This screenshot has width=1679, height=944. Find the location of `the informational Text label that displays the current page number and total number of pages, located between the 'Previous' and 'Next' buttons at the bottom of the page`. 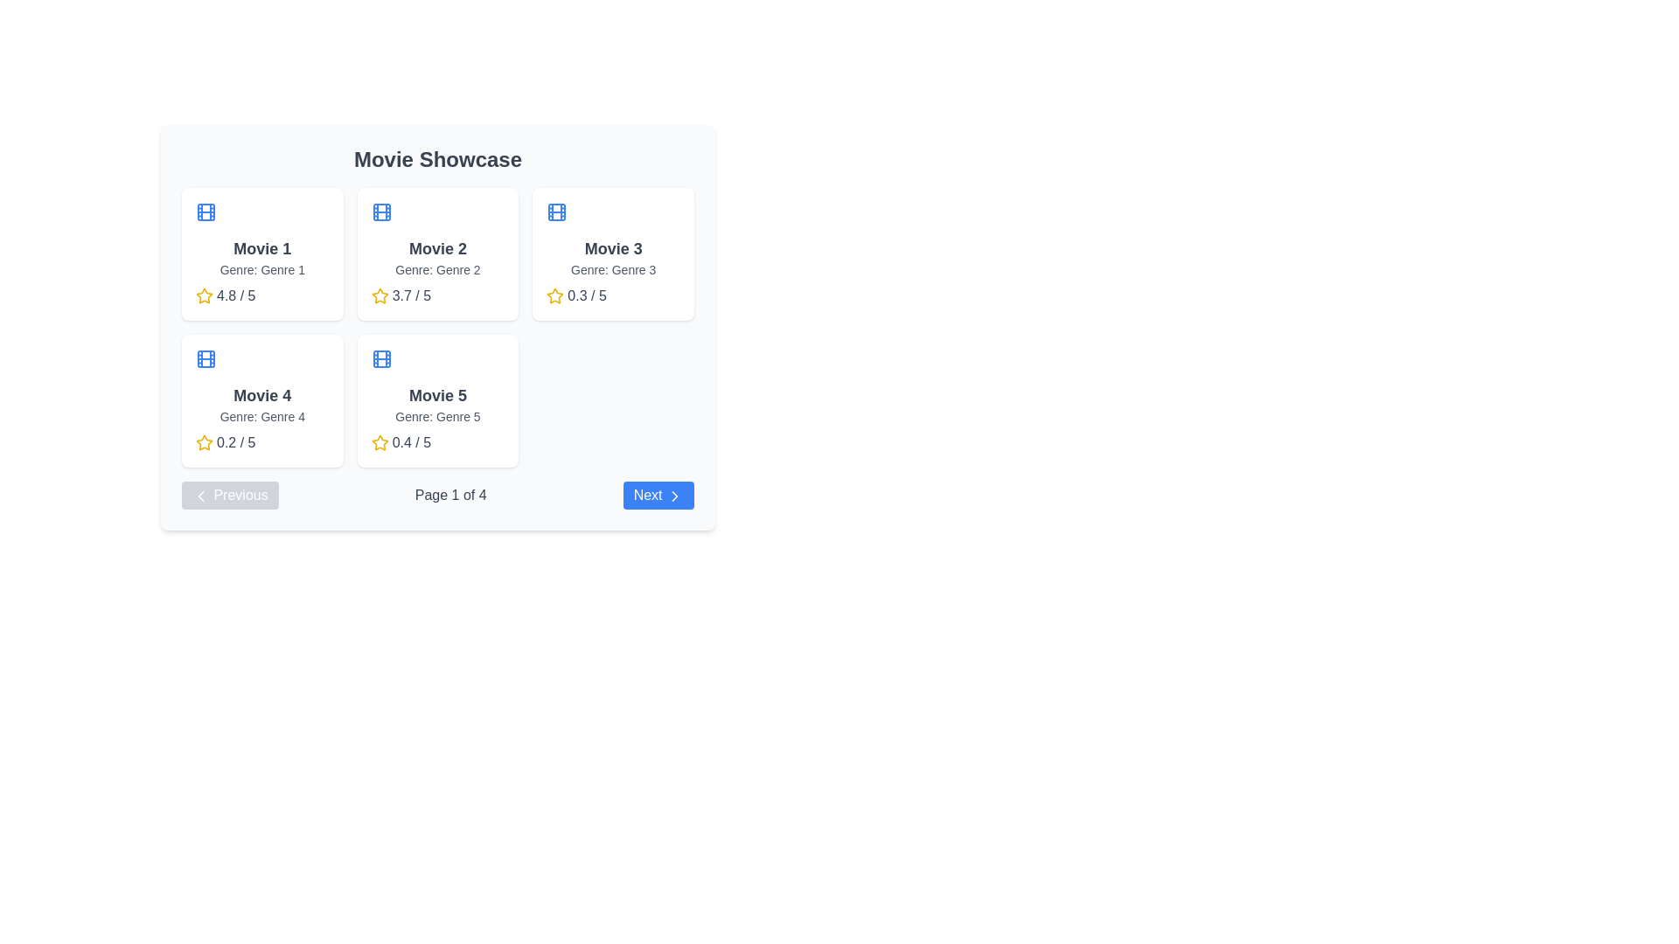

the informational Text label that displays the current page number and total number of pages, located between the 'Previous' and 'Next' buttons at the bottom of the page is located at coordinates (450, 496).